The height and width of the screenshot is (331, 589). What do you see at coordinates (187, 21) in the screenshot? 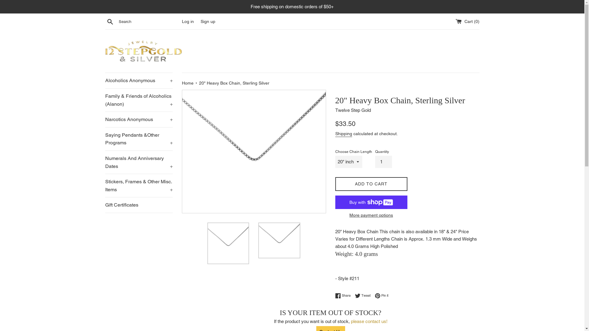
I see `'Log in'` at bounding box center [187, 21].